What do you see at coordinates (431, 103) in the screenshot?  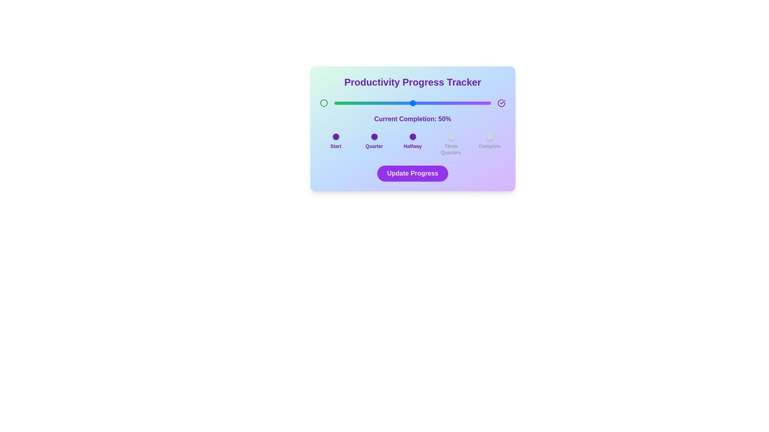 I see `the slider to set the completion percentage to 62` at bounding box center [431, 103].